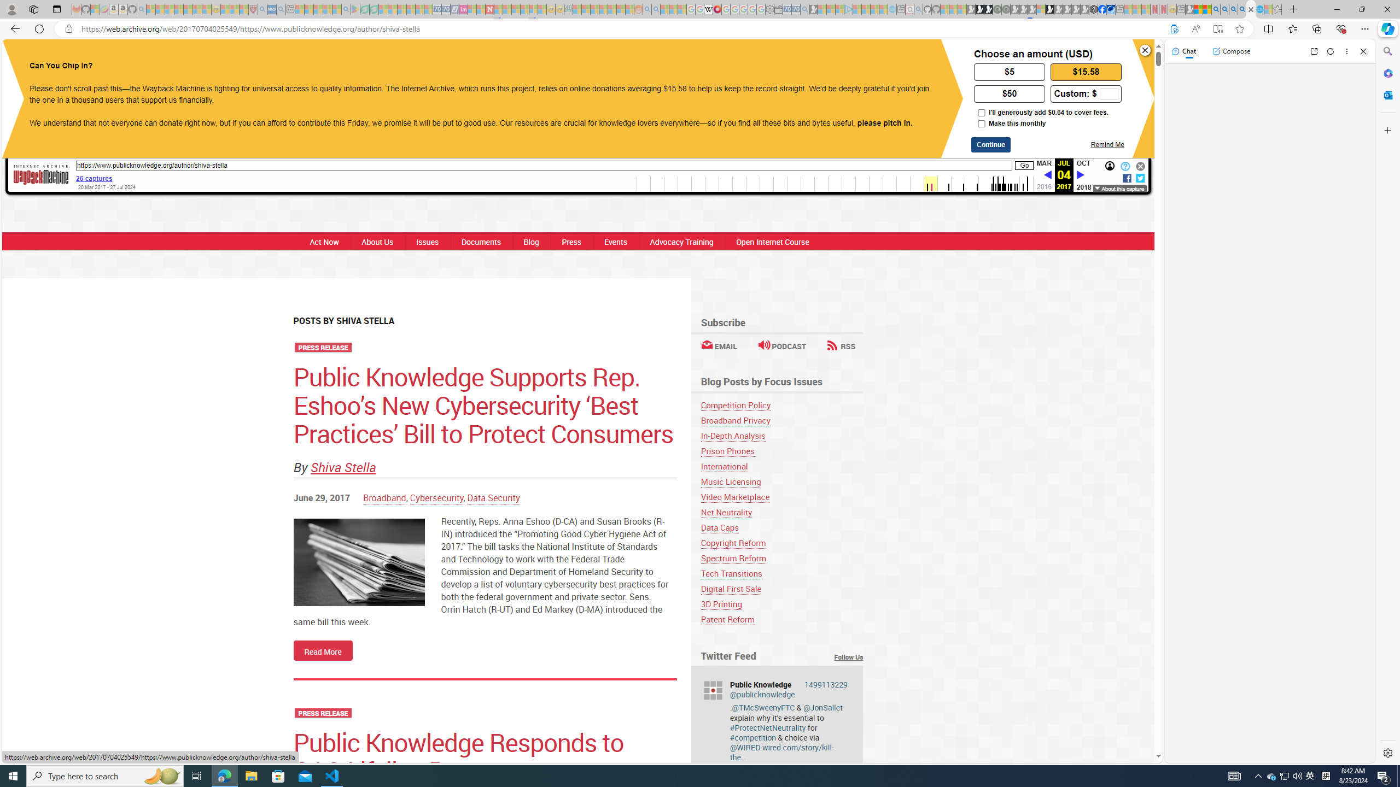  Describe the element at coordinates (726, 619) in the screenshot. I see `'Patent Reform'` at that location.